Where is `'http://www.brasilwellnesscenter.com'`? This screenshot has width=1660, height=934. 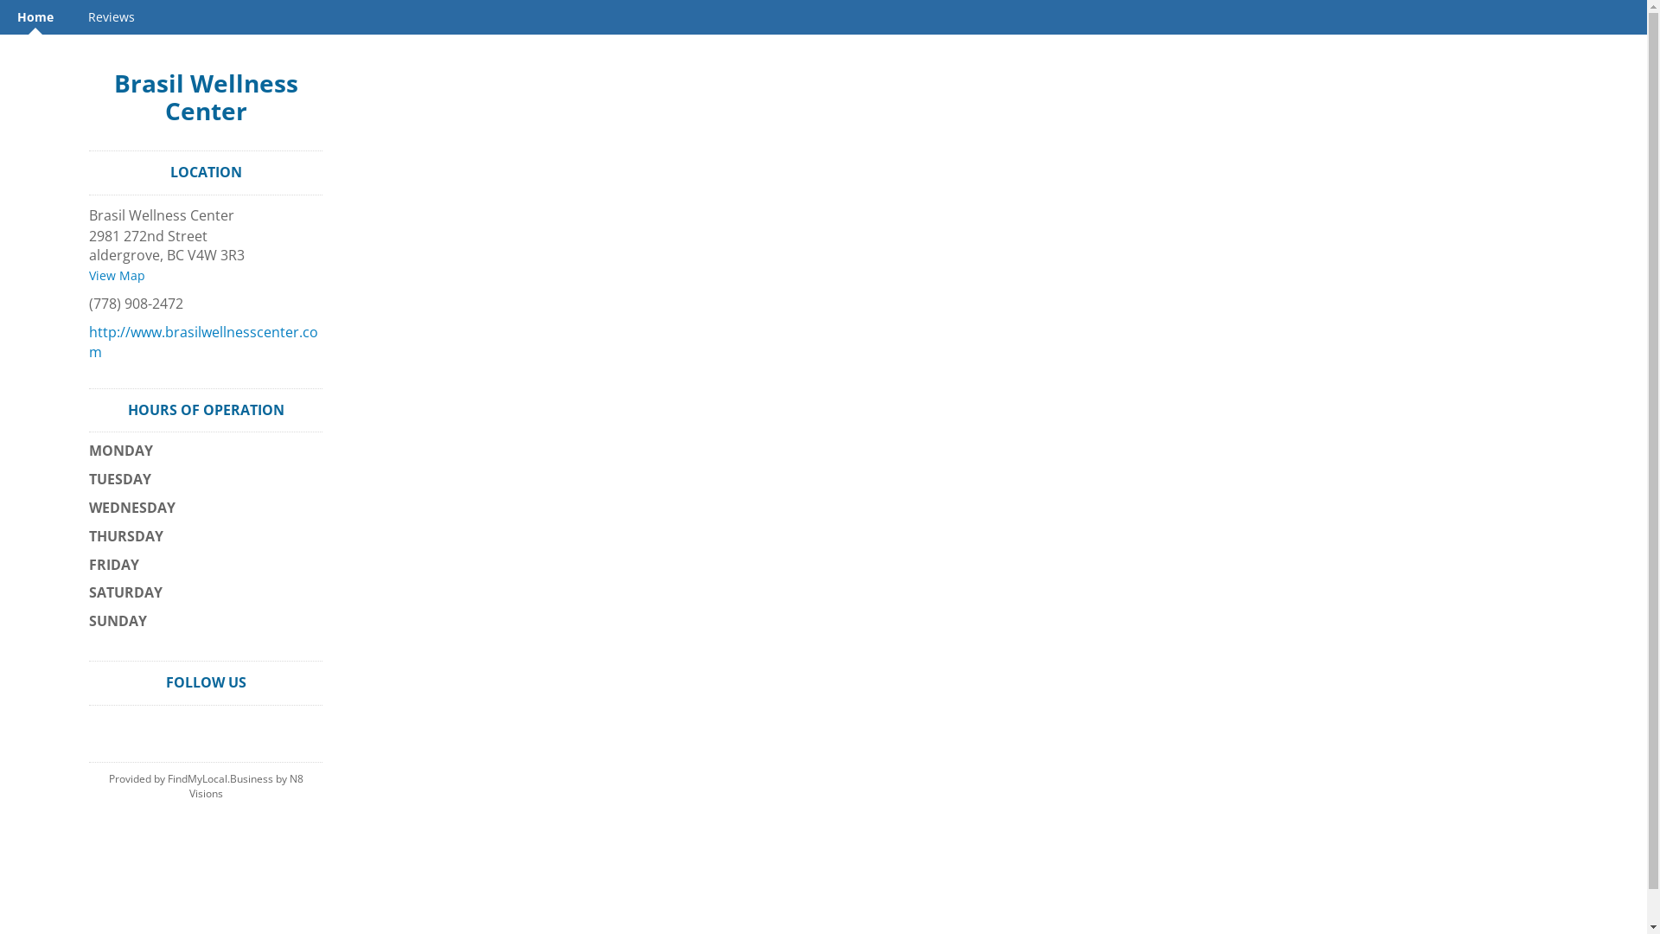
'http://www.brasilwellnesscenter.com' is located at coordinates (203, 342).